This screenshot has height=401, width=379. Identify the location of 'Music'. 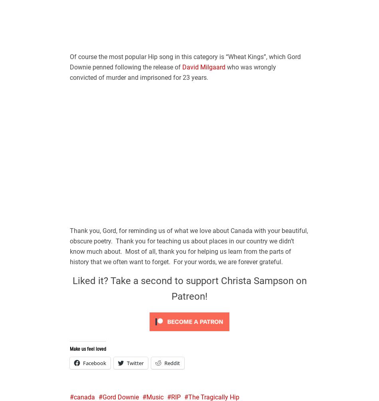
(154, 396).